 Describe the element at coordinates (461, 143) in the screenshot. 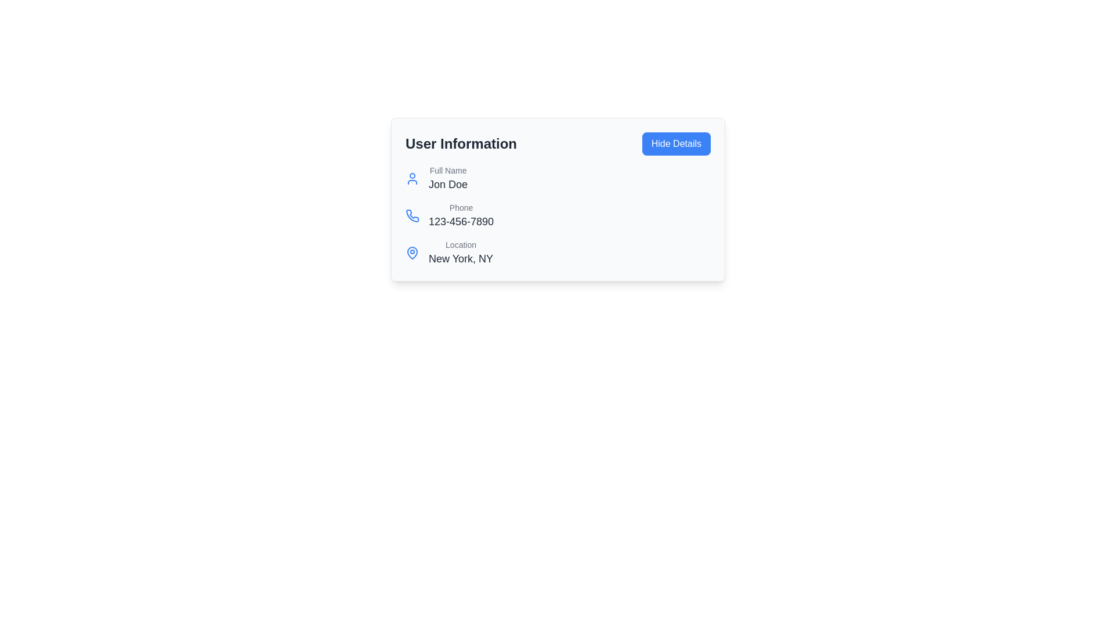

I see `the 'User Information' text label, which is prominently displayed in bold font at the top left of the card interface, adjacent to the blue 'Hide Details' button` at that location.